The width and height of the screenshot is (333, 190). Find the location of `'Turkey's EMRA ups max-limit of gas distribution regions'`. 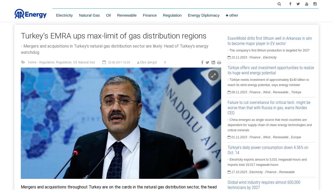

'Turkey's EMRA ups max-limit of gas distribution regions' is located at coordinates (21, 36).